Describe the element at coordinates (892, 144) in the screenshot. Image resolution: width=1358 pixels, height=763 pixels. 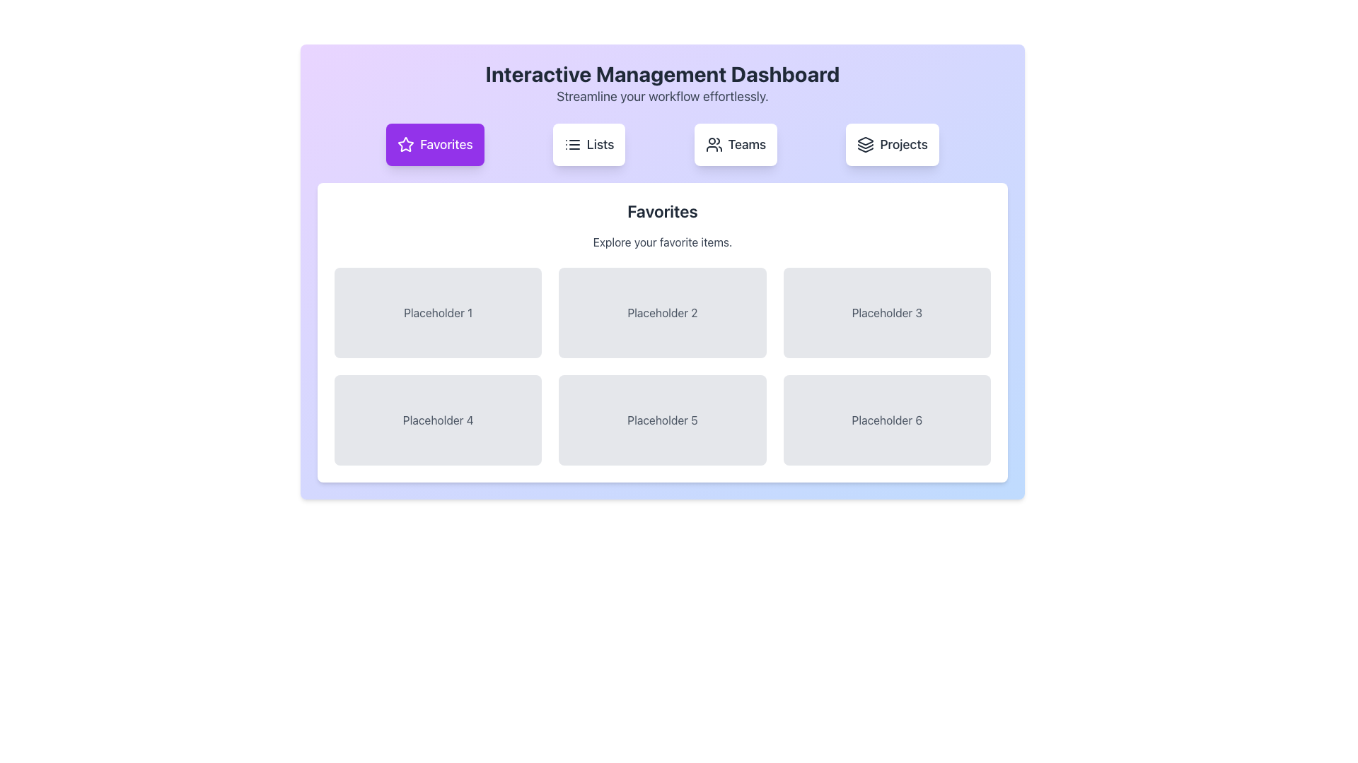
I see `the Projects button, which is the fourth item in a horizontal list of buttons near the top center of the interface, located to the right of the Teams button` at that location.